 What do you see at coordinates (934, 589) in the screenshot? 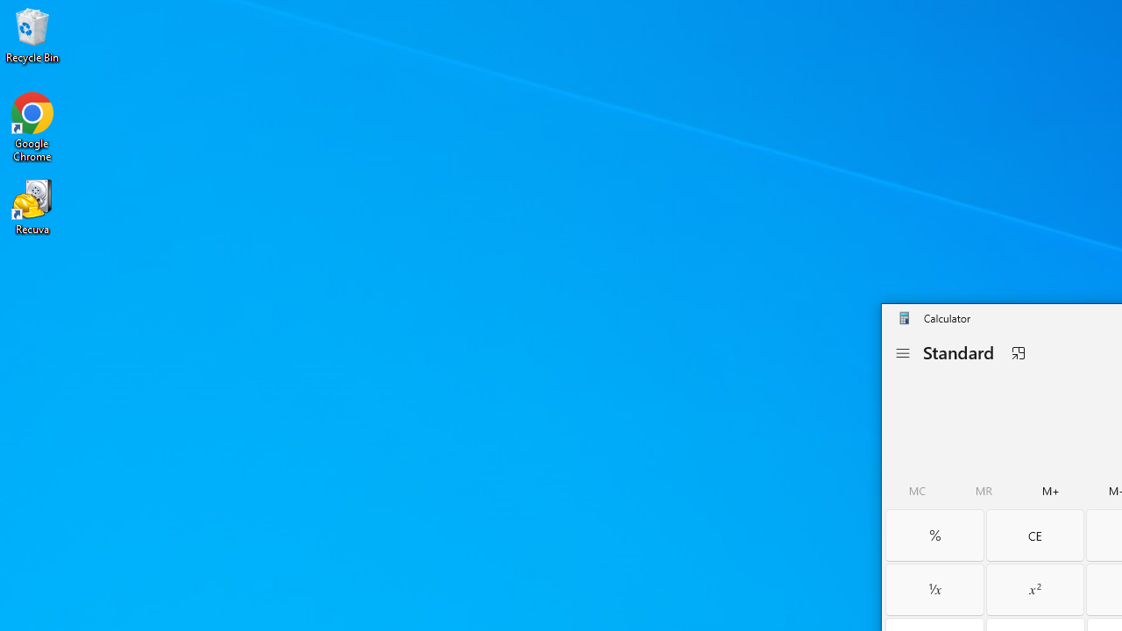
I see `'Reciprocal'` at bounding box center [934, 589].